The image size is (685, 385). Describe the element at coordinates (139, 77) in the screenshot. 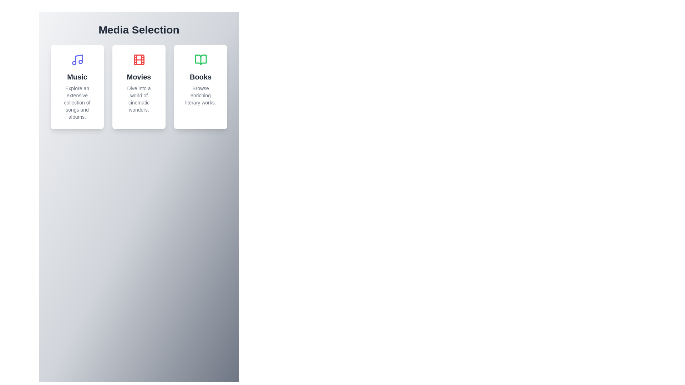

I see `the 'Movies' section title text label, which is located centrally in a three-column layout and positioned between a film reel icon and a description text` at that location.